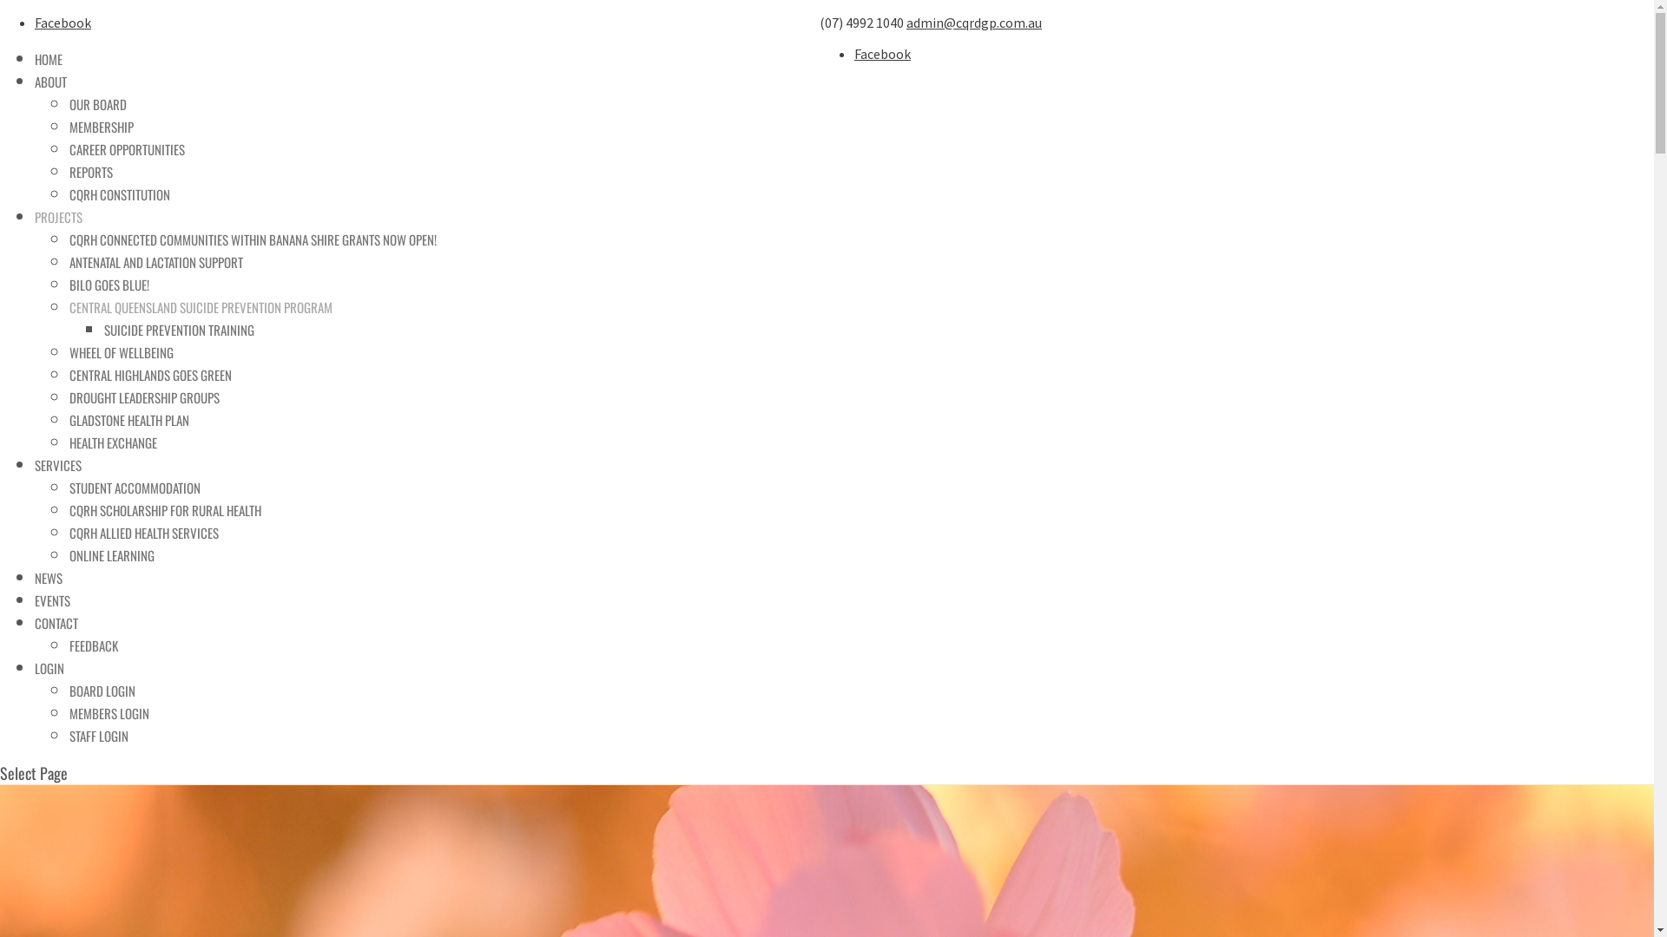 This screenshot has height=937, width=1667. I want to click on 'BOARD LOGIN', so click(102, 689).